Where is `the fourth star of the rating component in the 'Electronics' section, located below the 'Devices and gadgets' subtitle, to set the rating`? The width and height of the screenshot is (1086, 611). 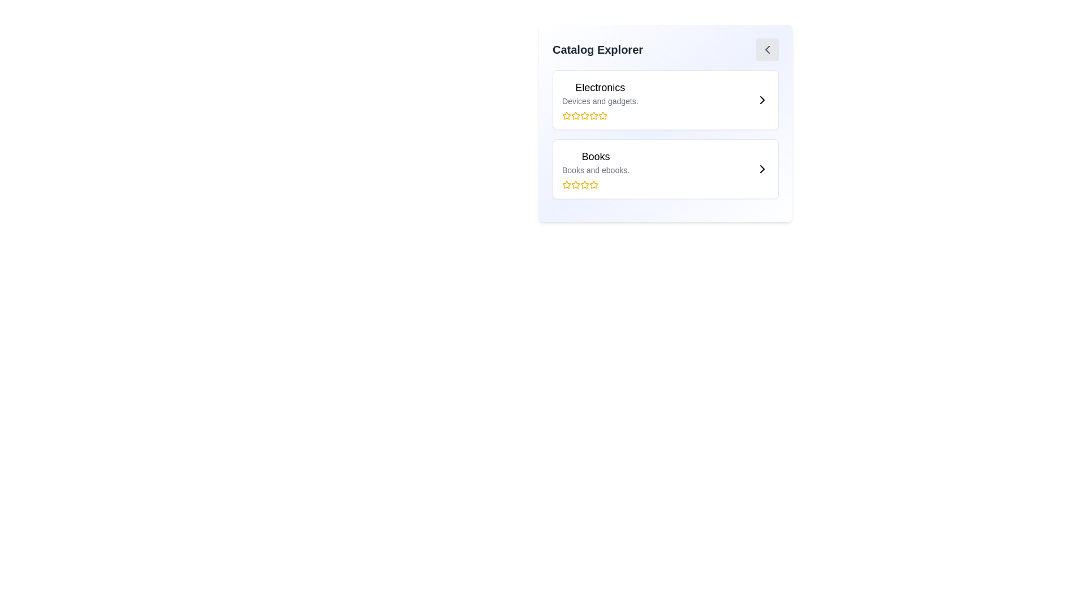
the fourth star of the rating component in the 'Electronics' section, located below the 'Devices and gadgets' subtitle, to set the rating is located at coordinates (600, 115).